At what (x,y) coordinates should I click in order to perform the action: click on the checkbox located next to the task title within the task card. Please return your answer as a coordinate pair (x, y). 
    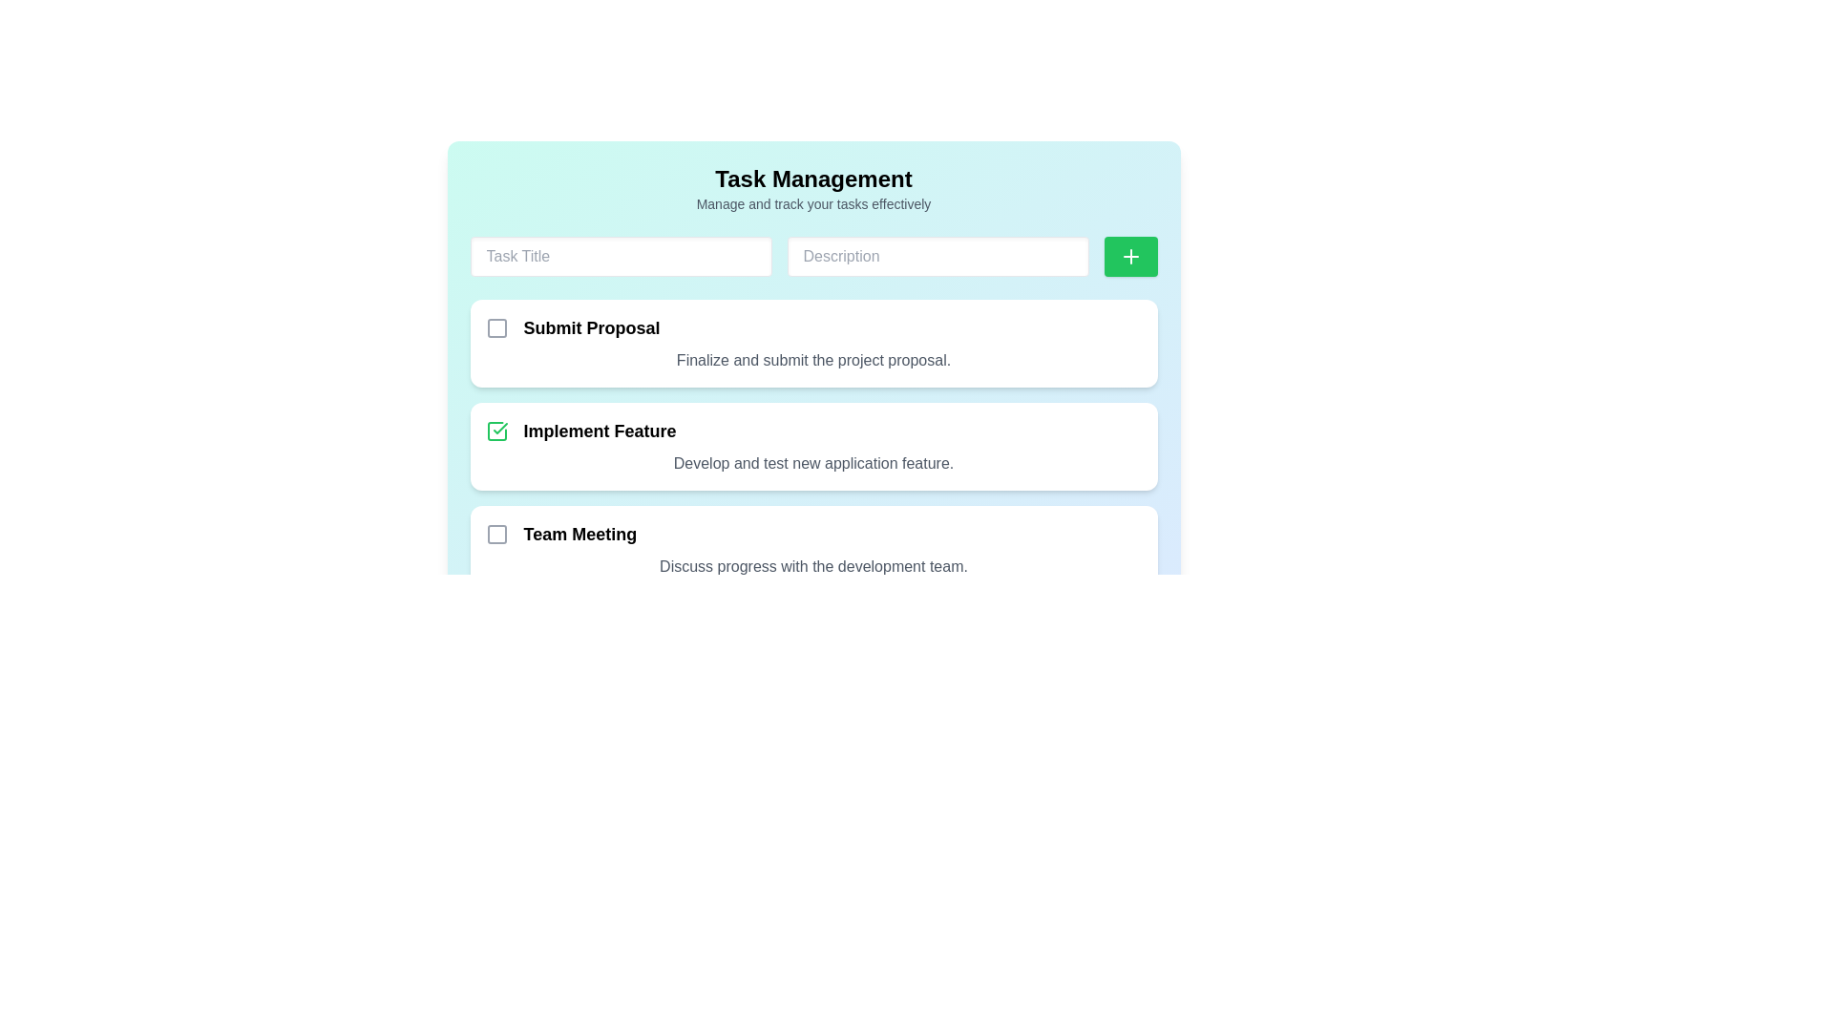
    Looking at the image, I should click on (813, 534).